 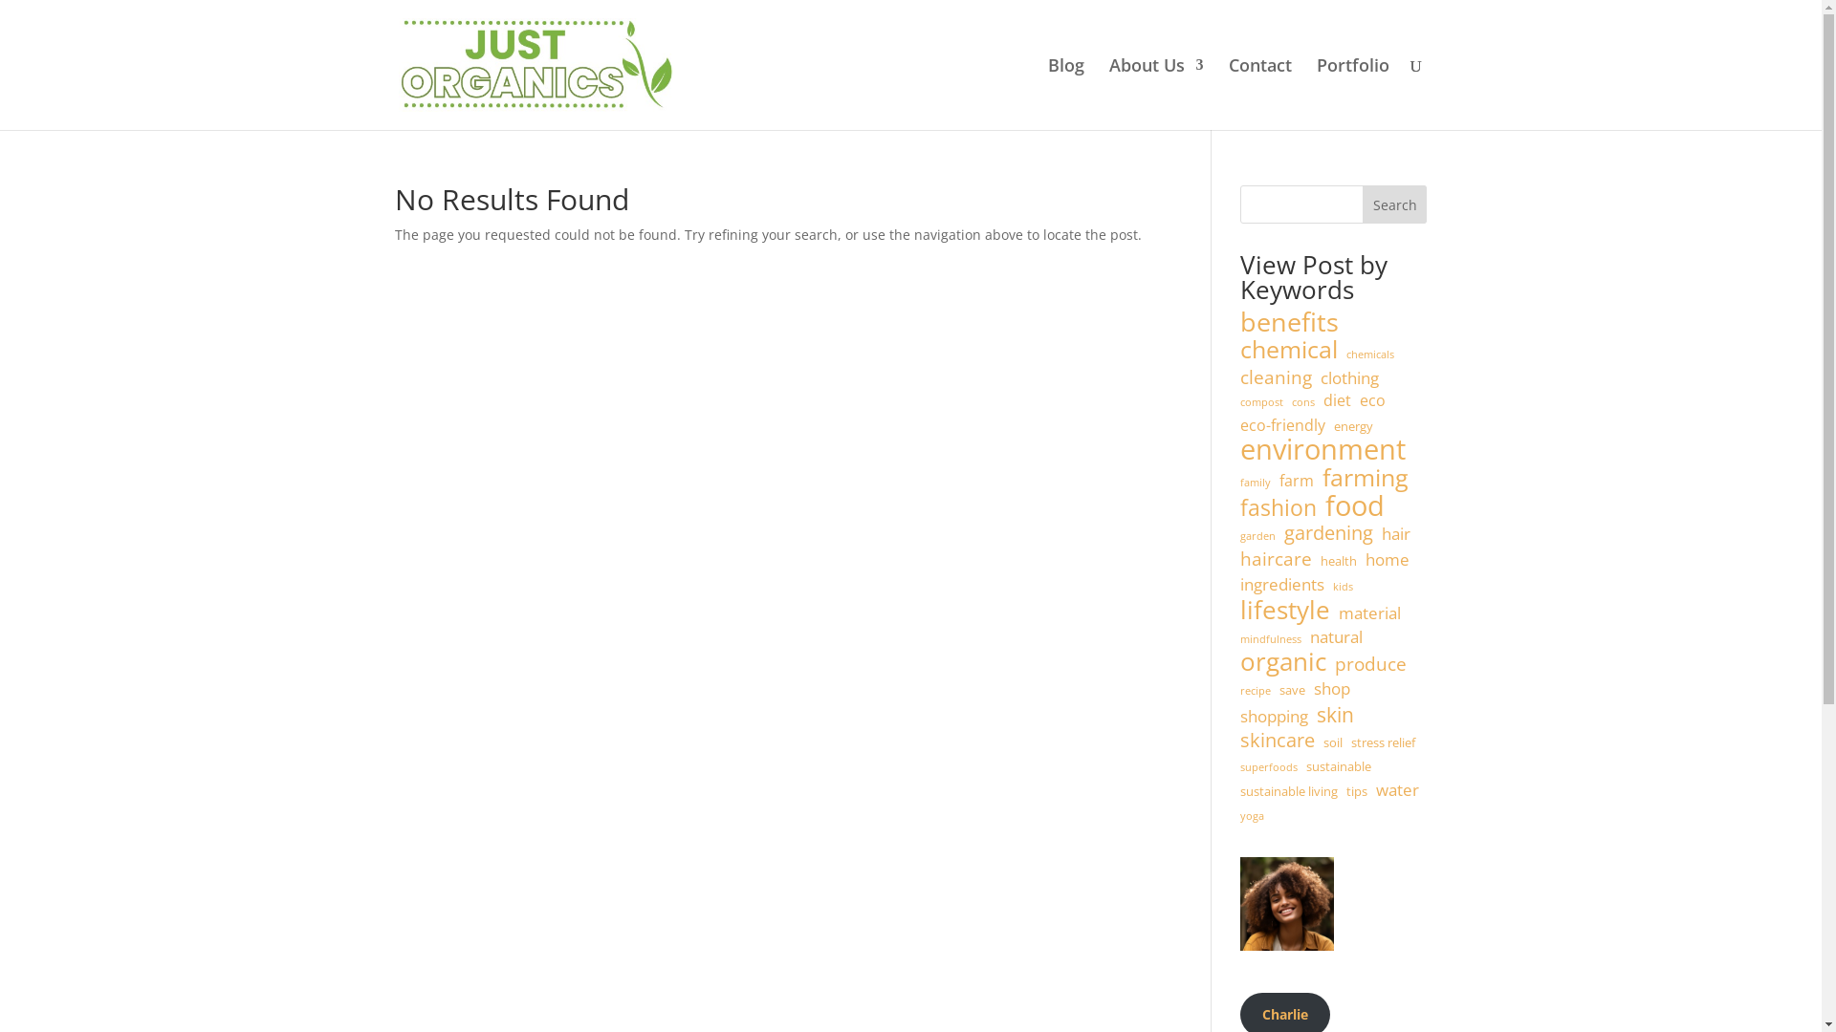 What do you see at coordinates (1268, 766) in the screenshot?
I see `'superfoods'` at bounding box center [1268, 766].